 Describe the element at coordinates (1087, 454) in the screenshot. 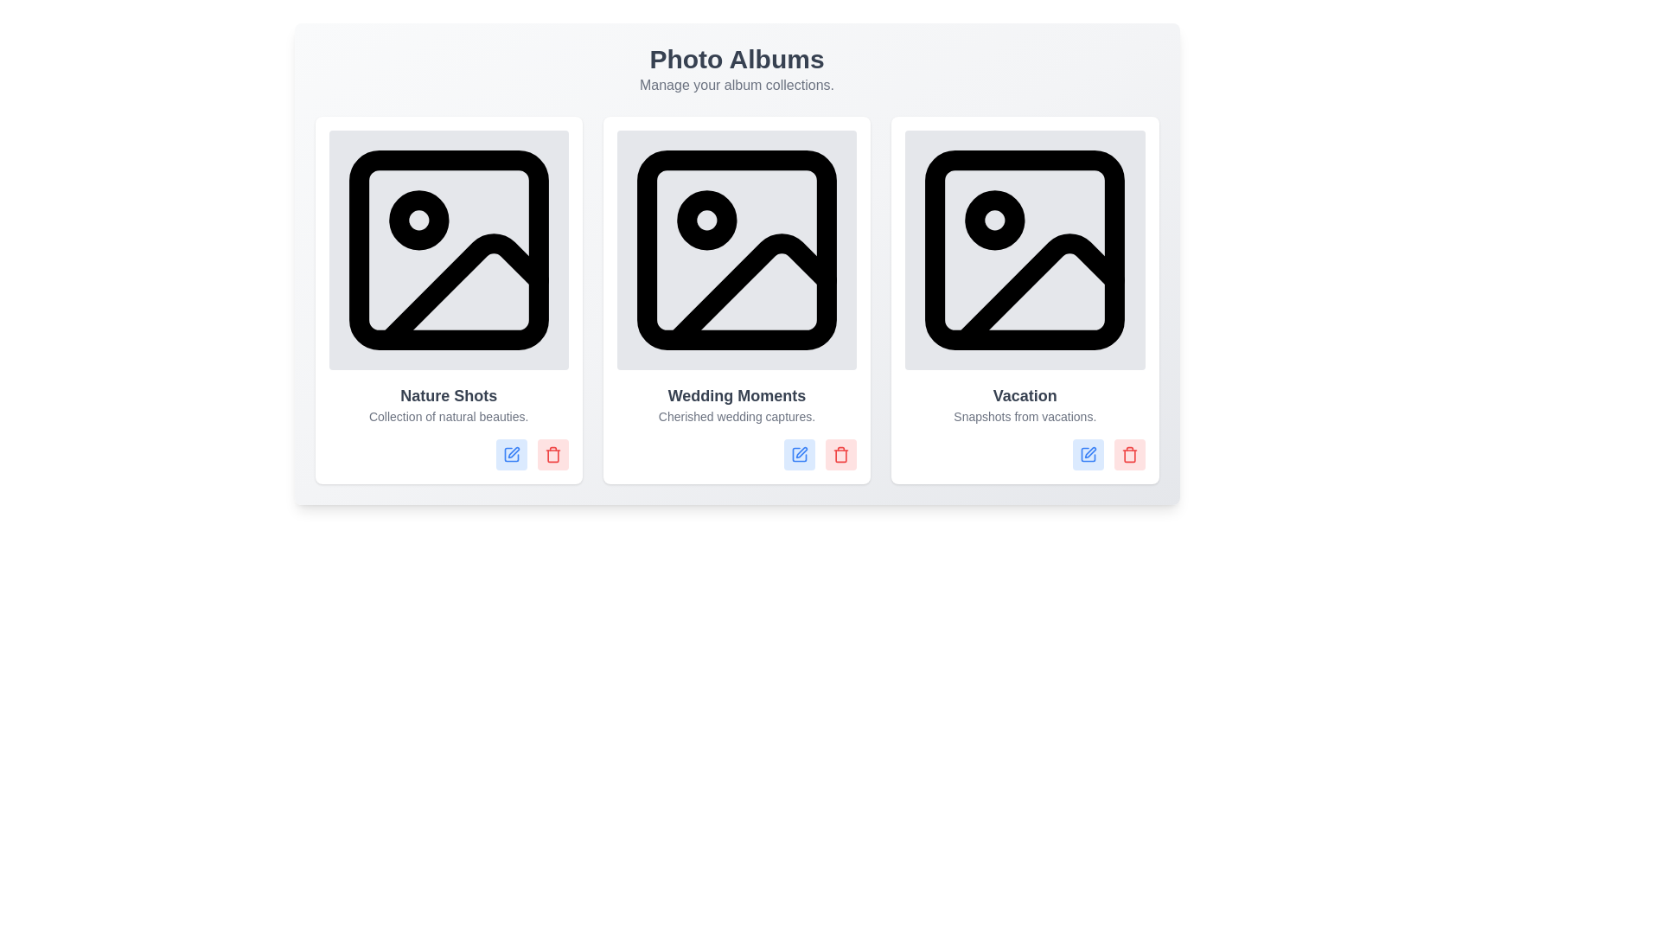

I see `edit button of the album titled Vacation` at that location.